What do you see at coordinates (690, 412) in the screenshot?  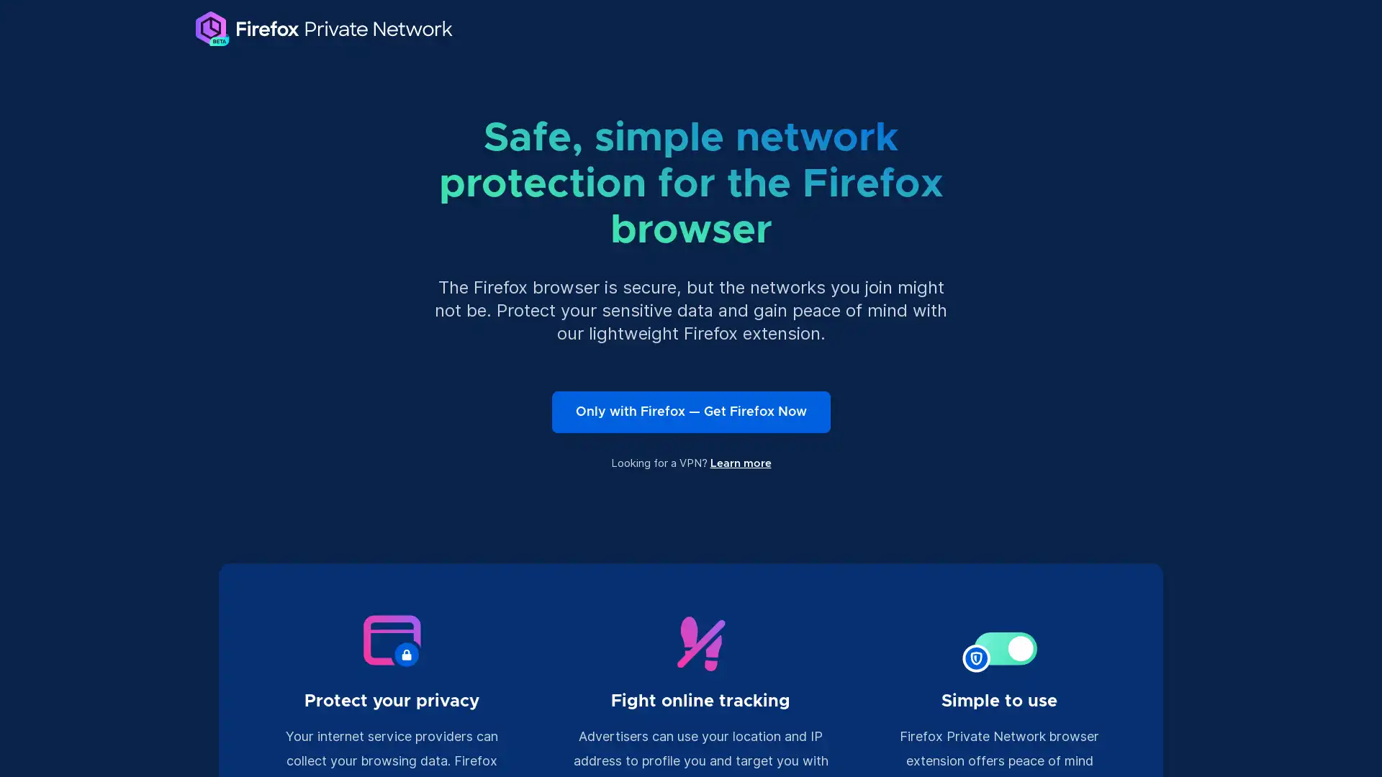 I see `Only with Firefox  Get Firefox Now` at bounding box center [690, 412].